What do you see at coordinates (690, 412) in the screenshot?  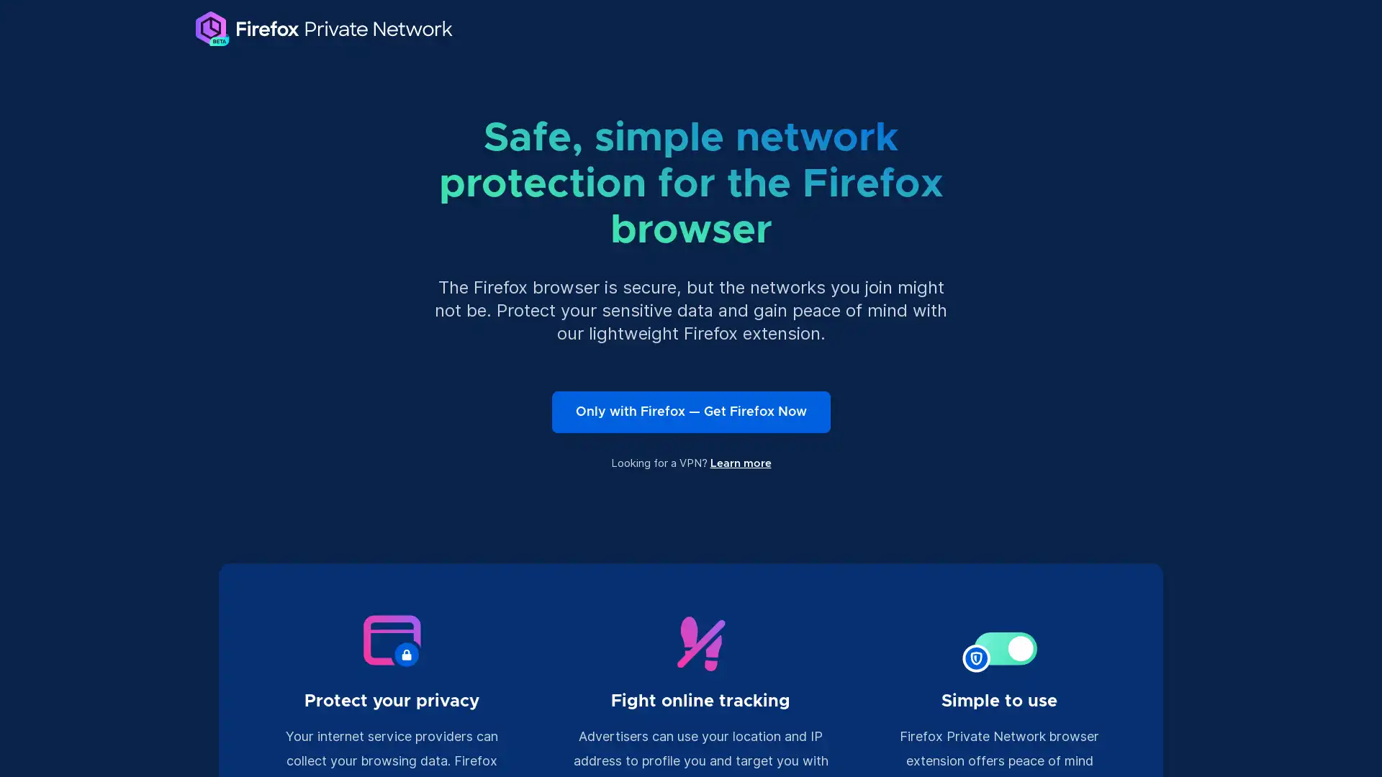 I see `Only with Firefox  Get Firefox Now` at bounding box center [690, 412].